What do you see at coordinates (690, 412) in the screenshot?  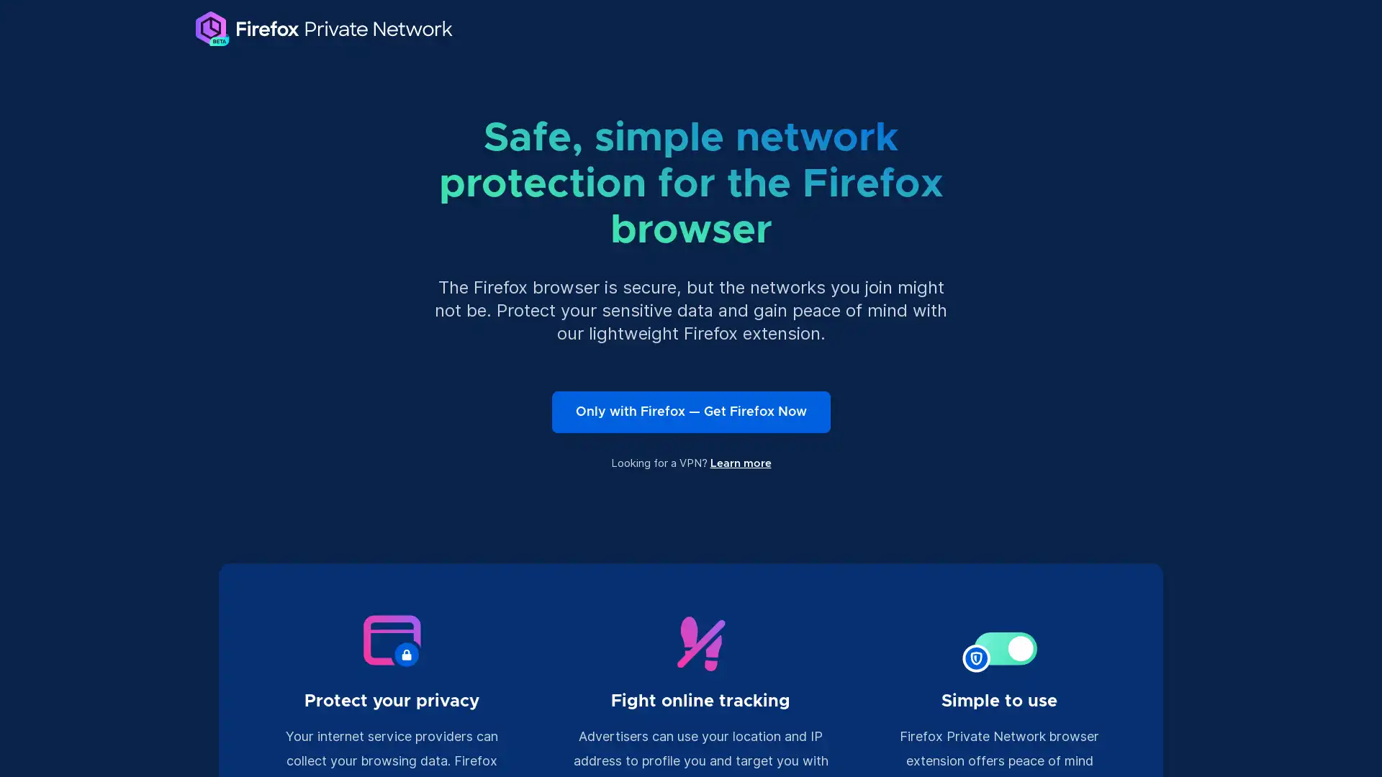 I see `Only with Firefox  Get Firefox Now` at bounding box center [690, 412].